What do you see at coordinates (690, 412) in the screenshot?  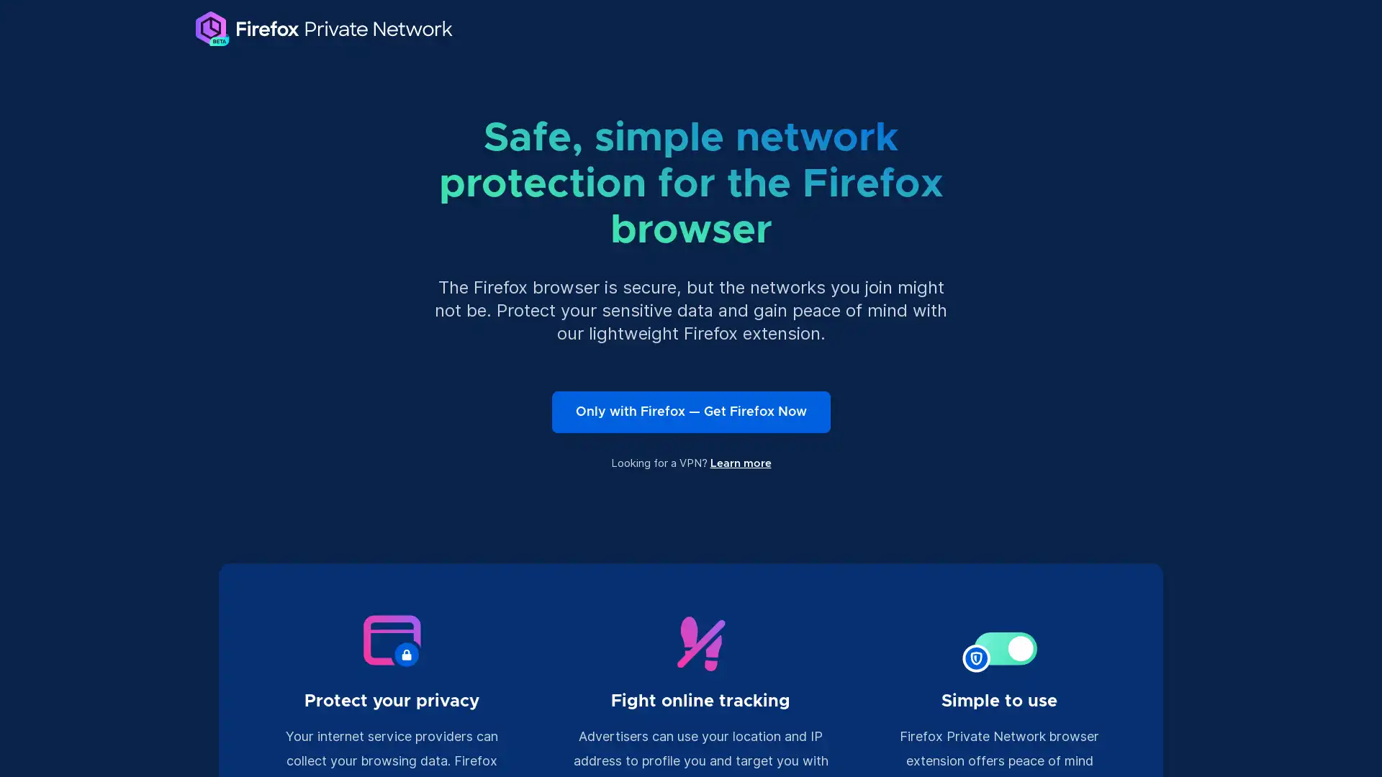 I see `Only with Firefox  Get Firefox Now` at bounding box center [690, 412].